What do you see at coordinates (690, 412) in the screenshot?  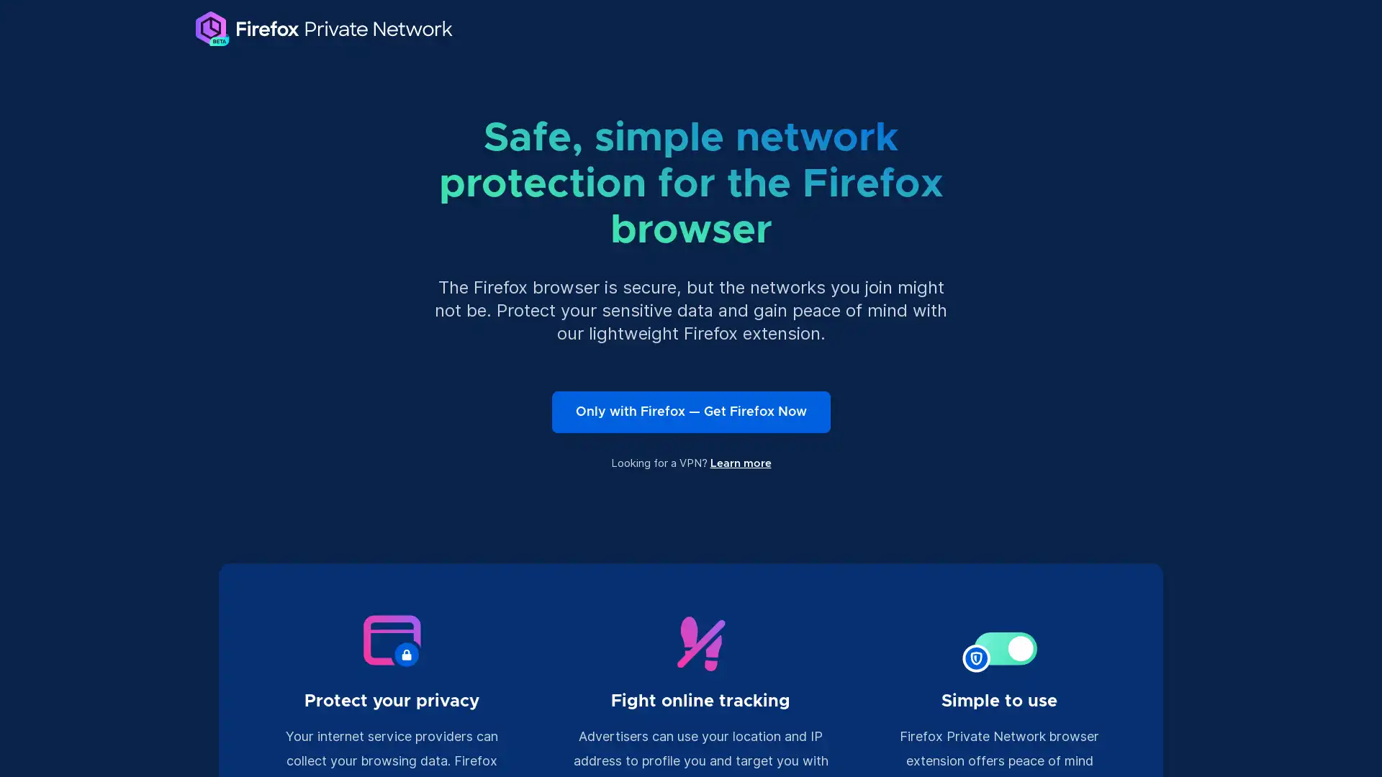 I see `Only with Firefox  Get Firefox Now` at bounding box center [690, 412].